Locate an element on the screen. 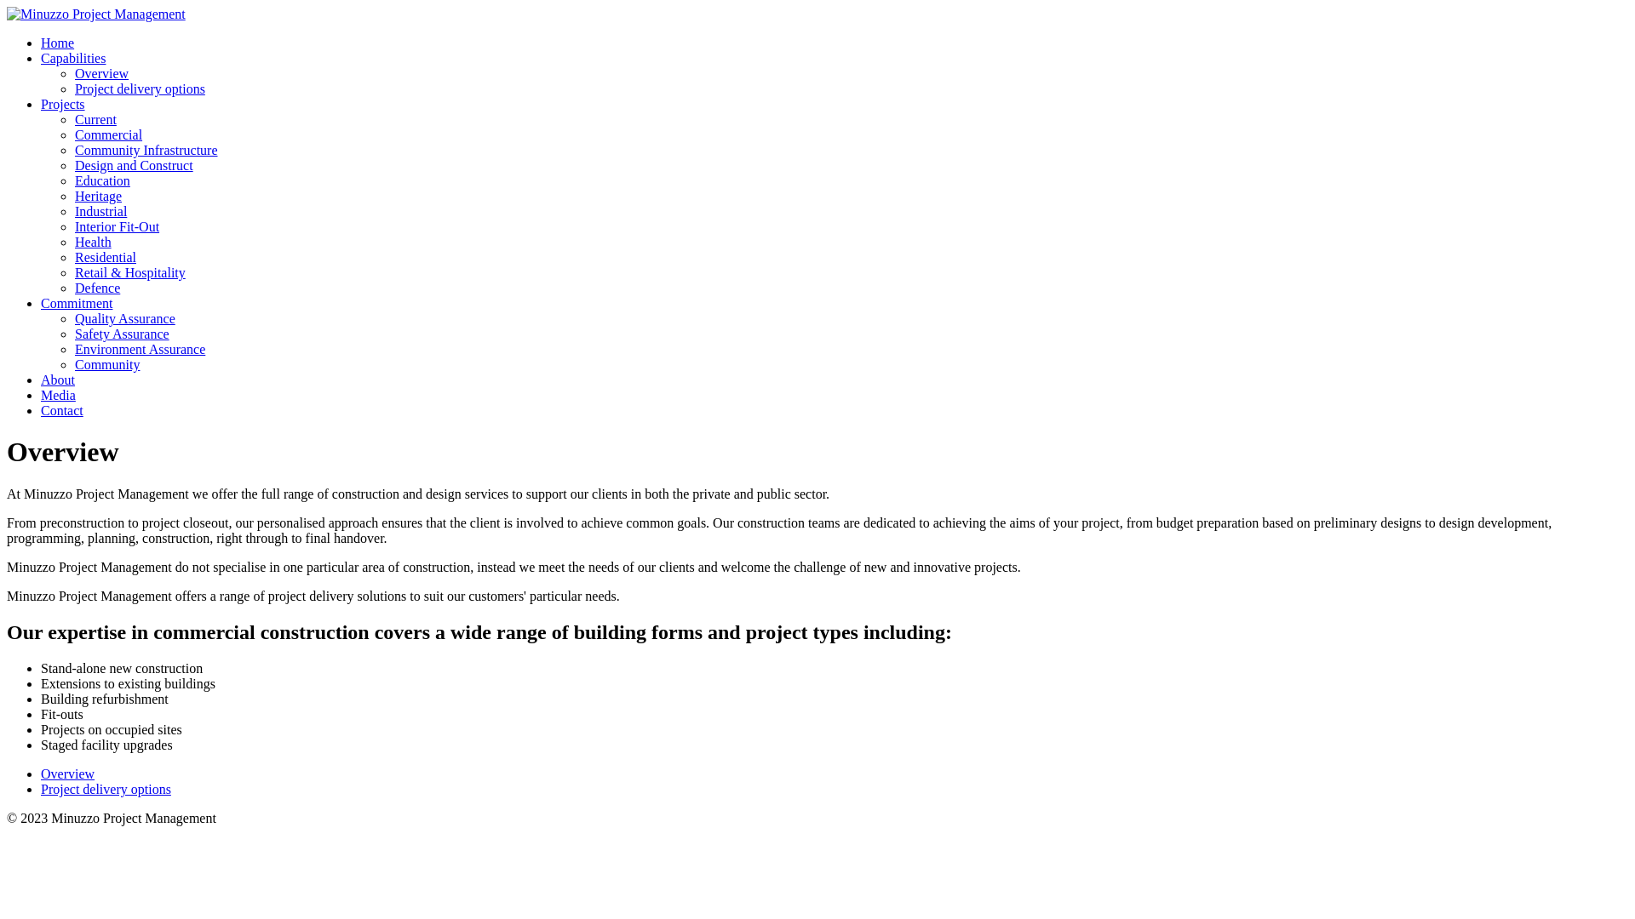 Image resolution: width=1635 pixels, height=919 pixels. 'Media' is located at coordinates (58, 395).